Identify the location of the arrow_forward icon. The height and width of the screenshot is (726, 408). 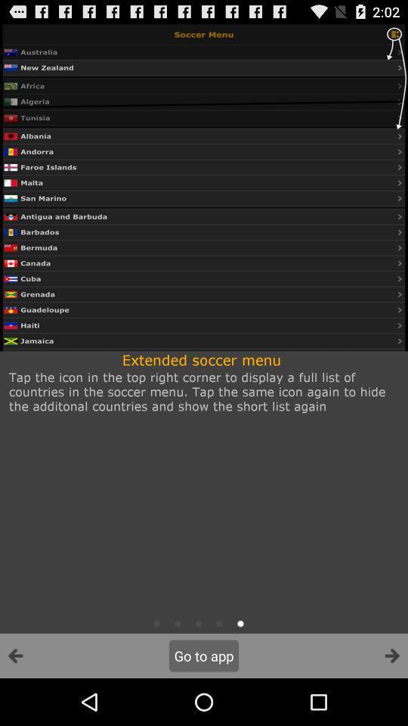
(391, 702).